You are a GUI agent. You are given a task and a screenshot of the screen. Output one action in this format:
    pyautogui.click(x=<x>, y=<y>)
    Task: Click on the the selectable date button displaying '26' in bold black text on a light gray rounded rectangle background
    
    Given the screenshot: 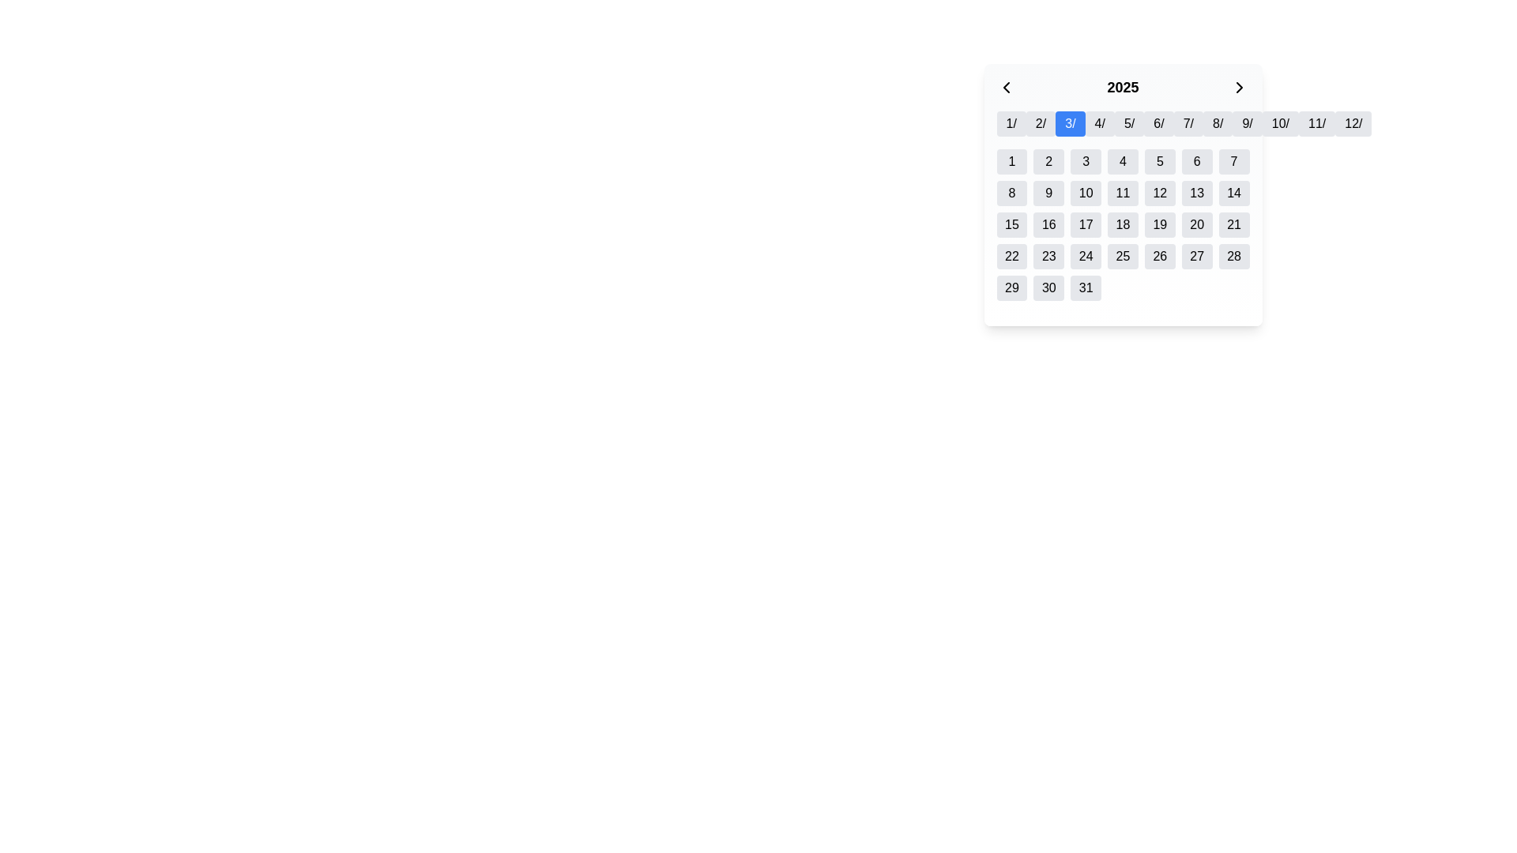 What is the action you would take?
    pyautogui.click(x=1160, y=255)
    